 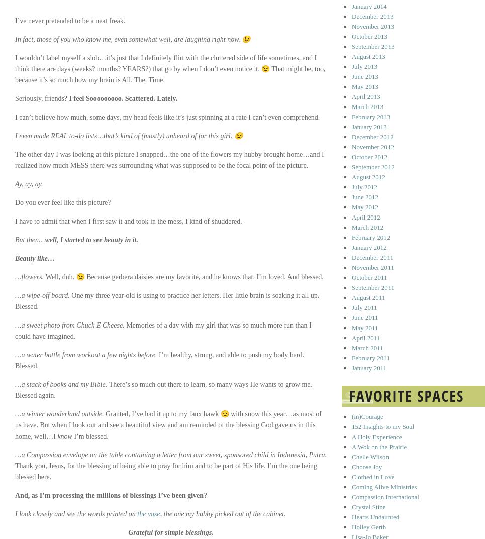 What do you see at coordinates (351, 477) in the screenshot?
I see `'Clothed in Love'` at bounding box center [351, 477].